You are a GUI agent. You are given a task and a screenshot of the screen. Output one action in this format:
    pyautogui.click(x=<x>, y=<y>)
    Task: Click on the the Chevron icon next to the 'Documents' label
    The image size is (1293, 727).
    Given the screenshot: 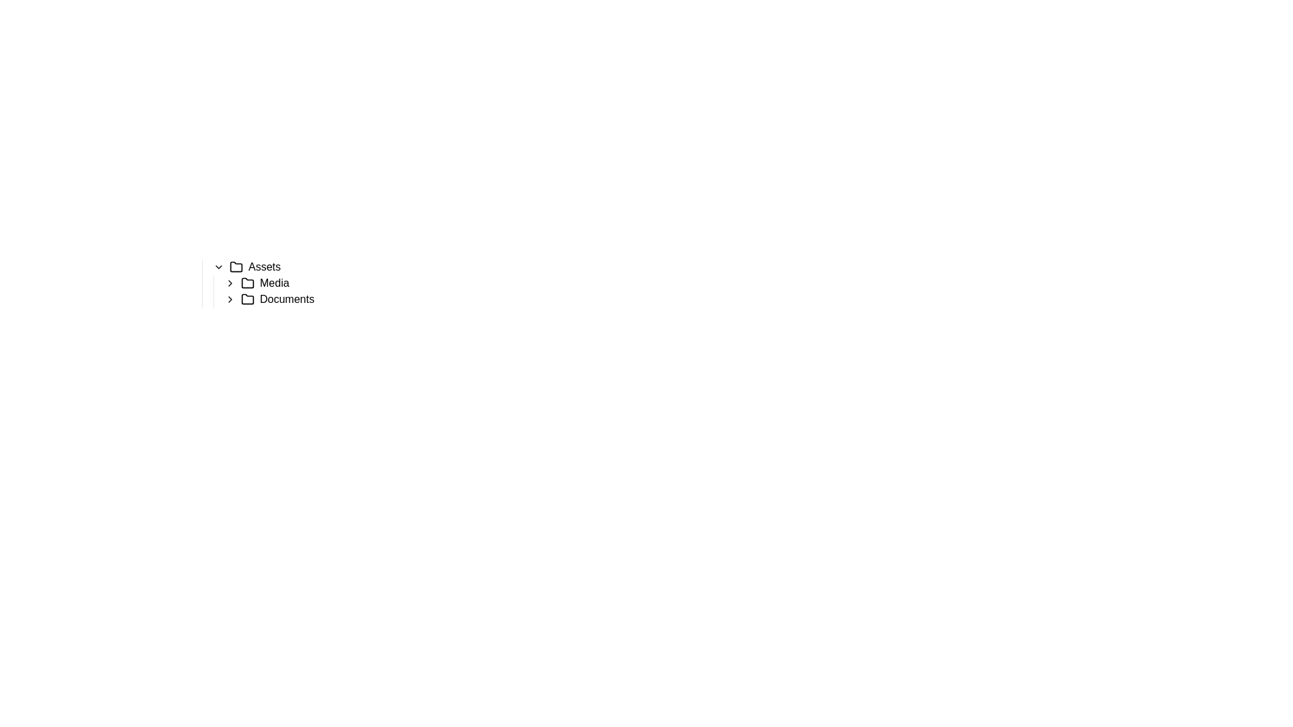 What is the action you would take?
    pyautogui.click(x=230, y=298)
    